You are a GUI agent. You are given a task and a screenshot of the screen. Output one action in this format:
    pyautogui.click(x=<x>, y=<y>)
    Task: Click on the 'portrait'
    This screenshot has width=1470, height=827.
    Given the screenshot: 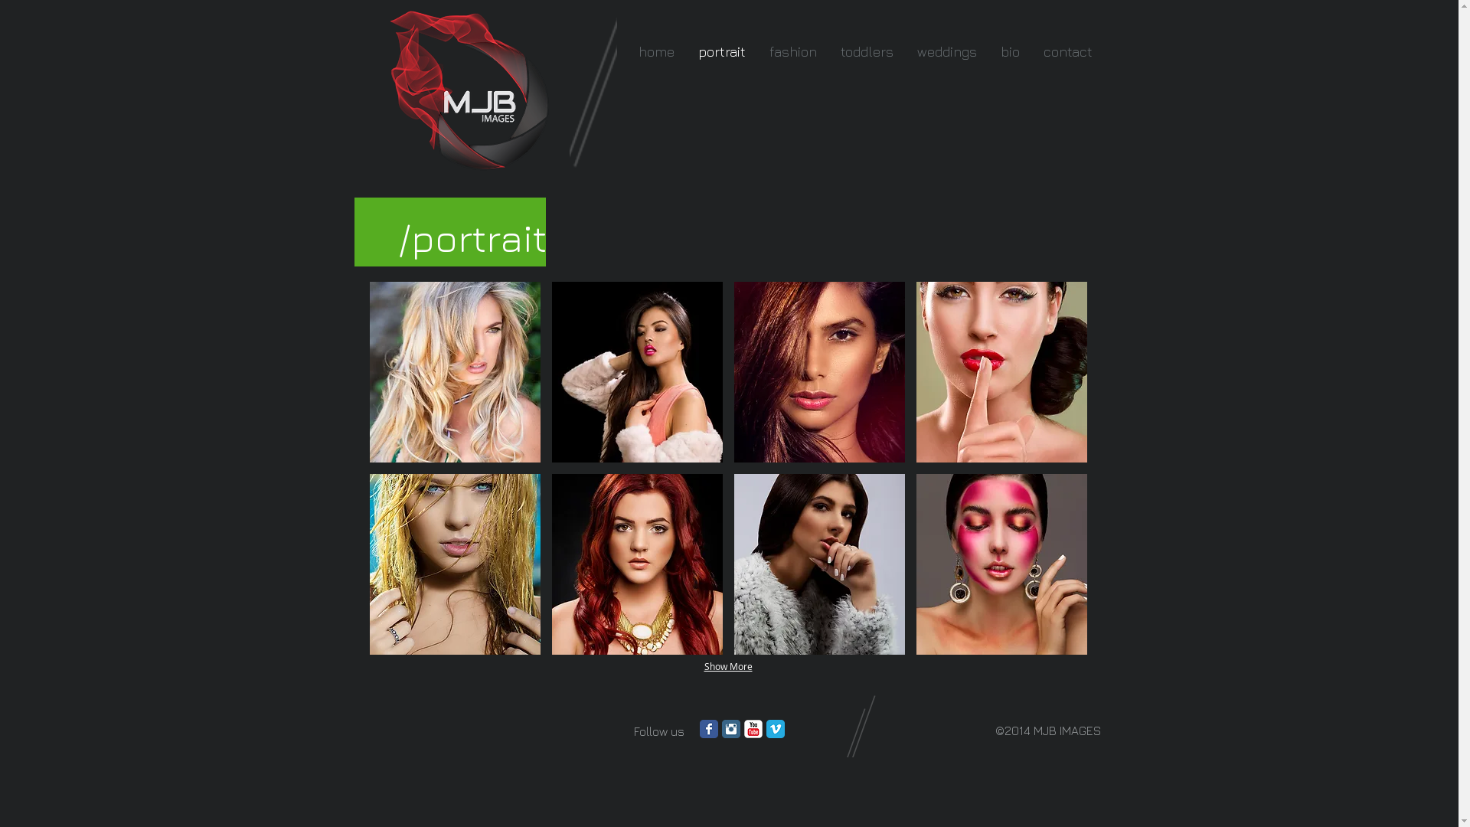 What is the action you would take?
    pyautogui.click(x=720, y=51)
    